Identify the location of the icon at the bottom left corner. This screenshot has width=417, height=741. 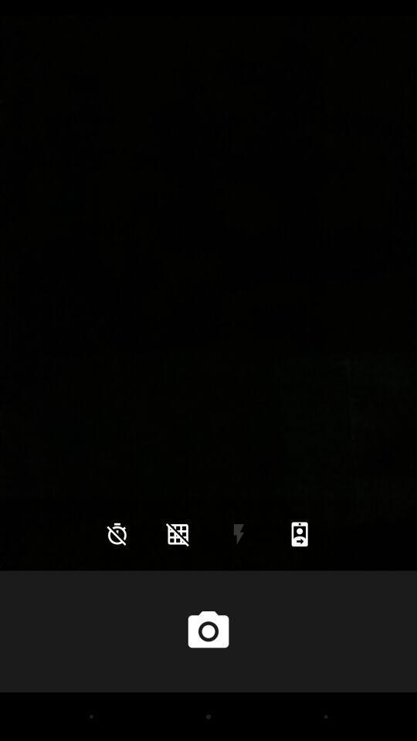
(116, 534).